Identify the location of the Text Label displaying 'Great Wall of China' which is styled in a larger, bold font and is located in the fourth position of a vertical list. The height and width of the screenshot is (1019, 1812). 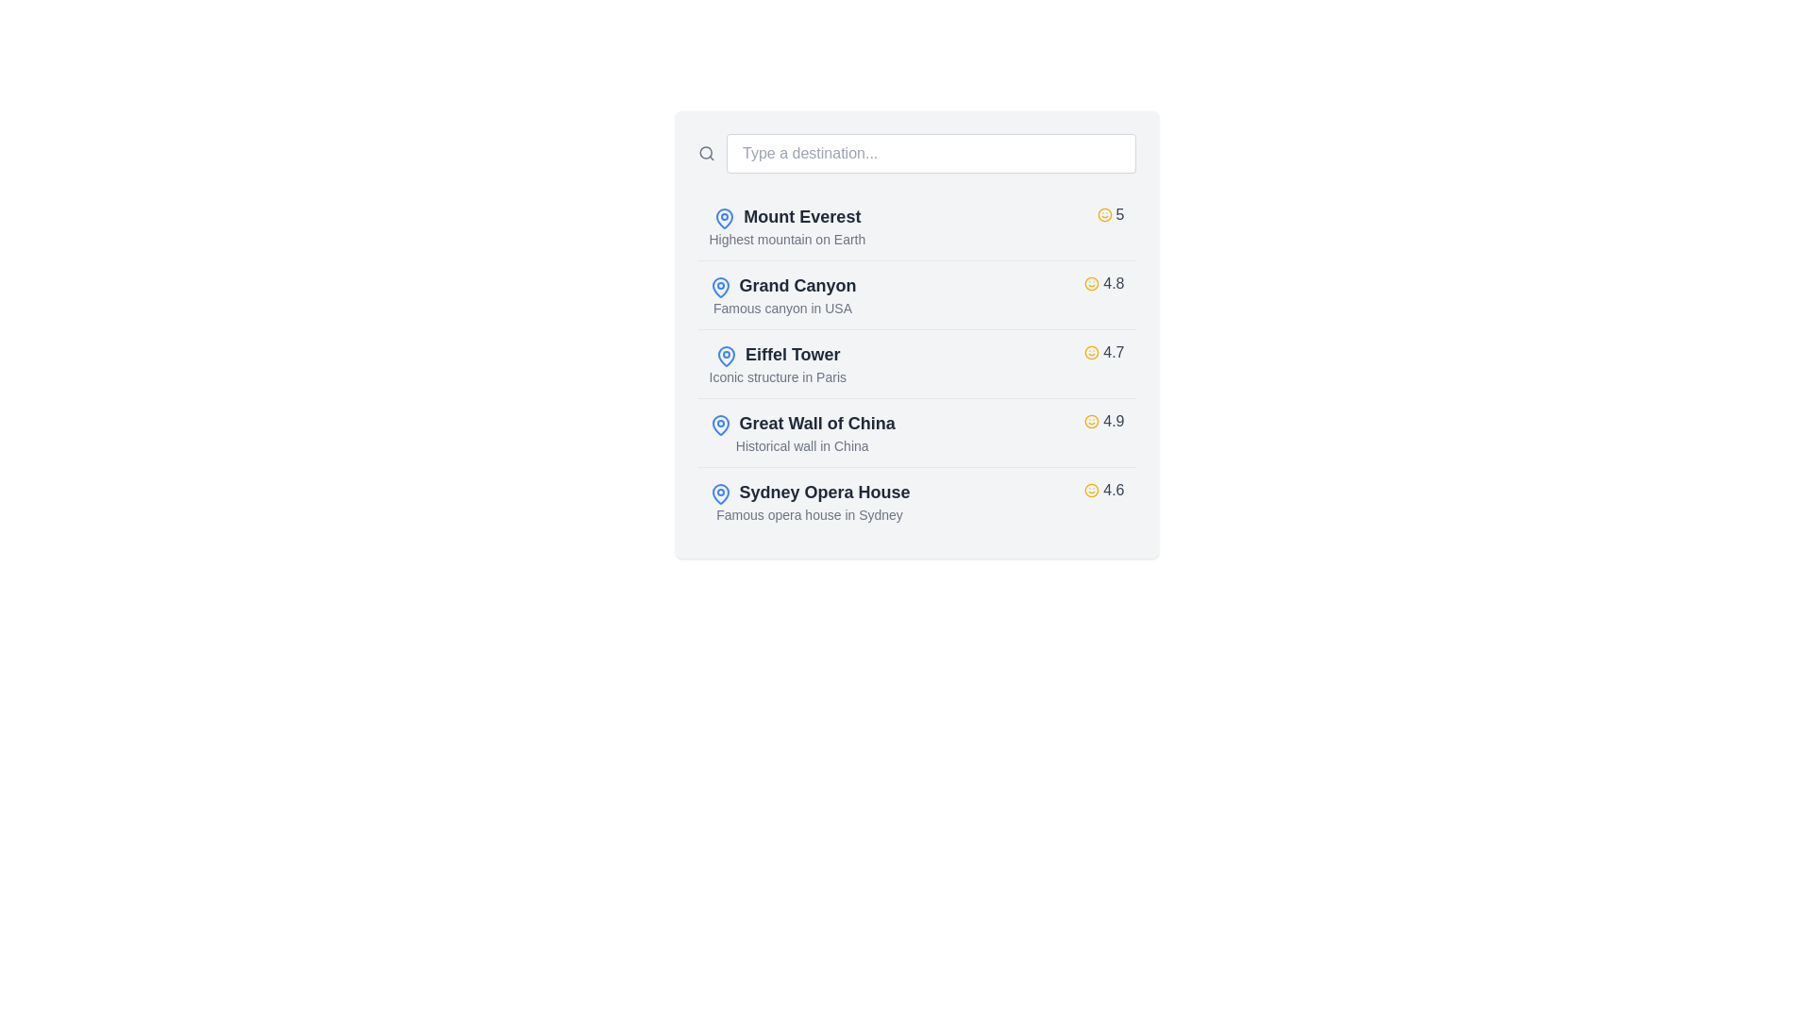
(817, 422).